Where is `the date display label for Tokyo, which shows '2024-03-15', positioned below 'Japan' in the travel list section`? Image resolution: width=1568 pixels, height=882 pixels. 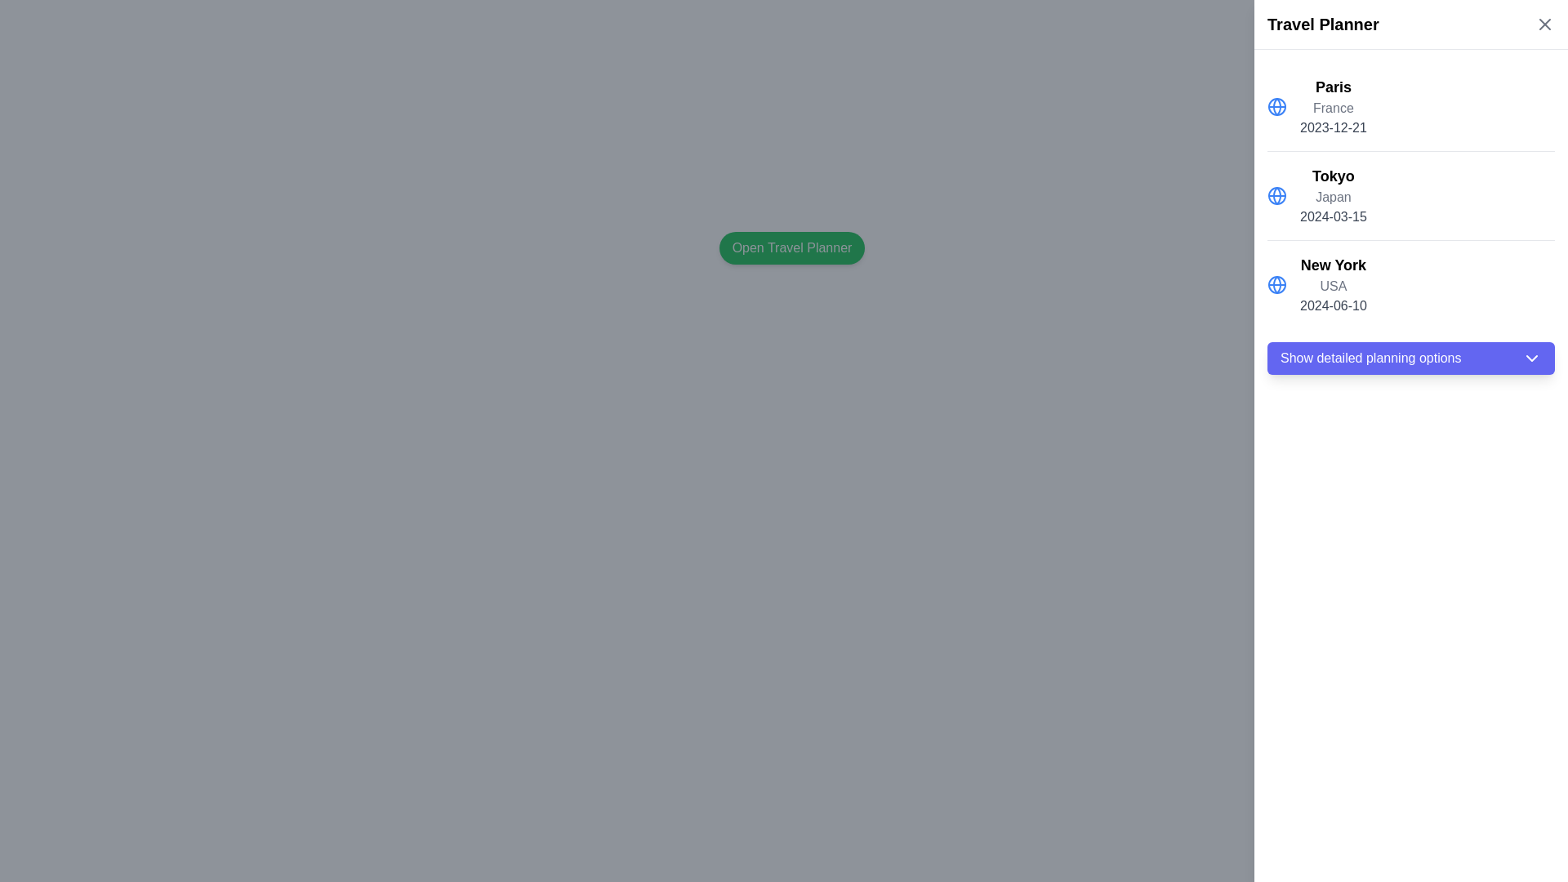 the date display label for Tokyo, which shows '2024-03-15', positioned below 'Japan' in the travel list section is located at coordinates (1333, 216).